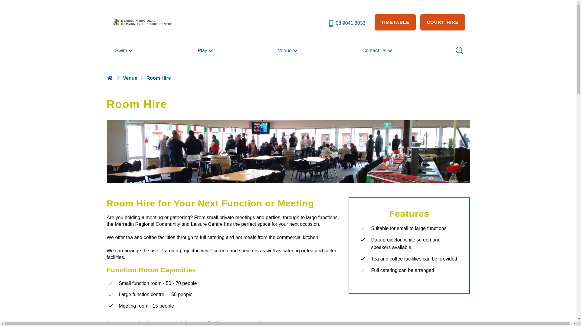 Image resolution: width=581 pixels, height=326 pixels. Describe the element at coordinates (113, 50) in the screenshot. I see `'Swim'` at that location.